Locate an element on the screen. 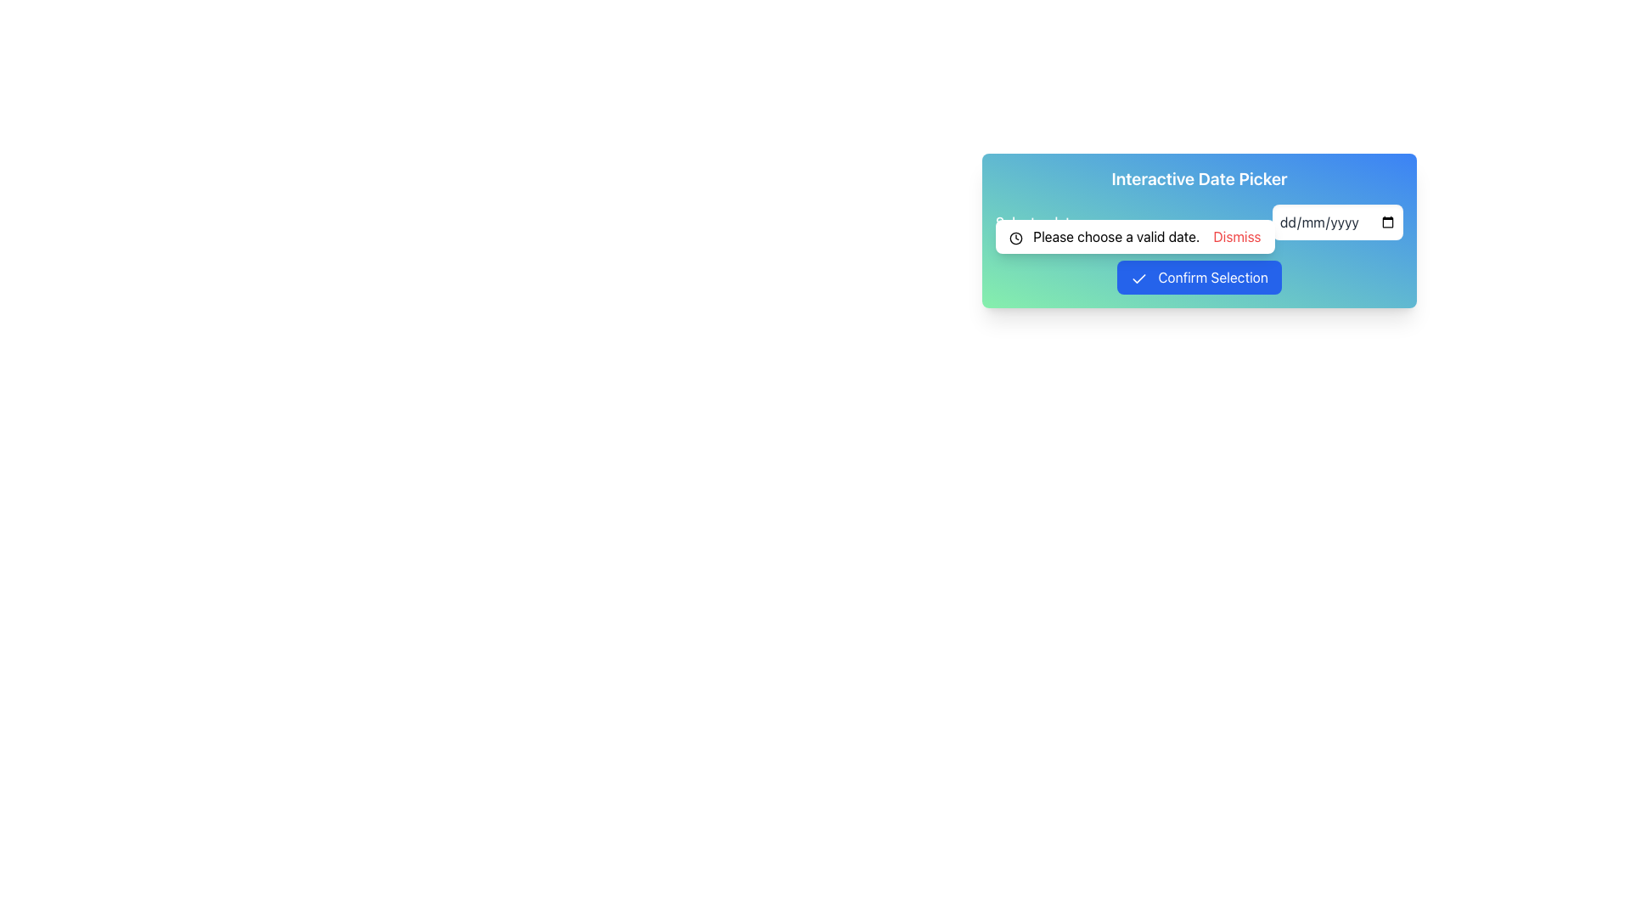  the red 'Dismiss' button located to the right of the text 'Please choose a valid date.' is located at coordinates (1237, 236).